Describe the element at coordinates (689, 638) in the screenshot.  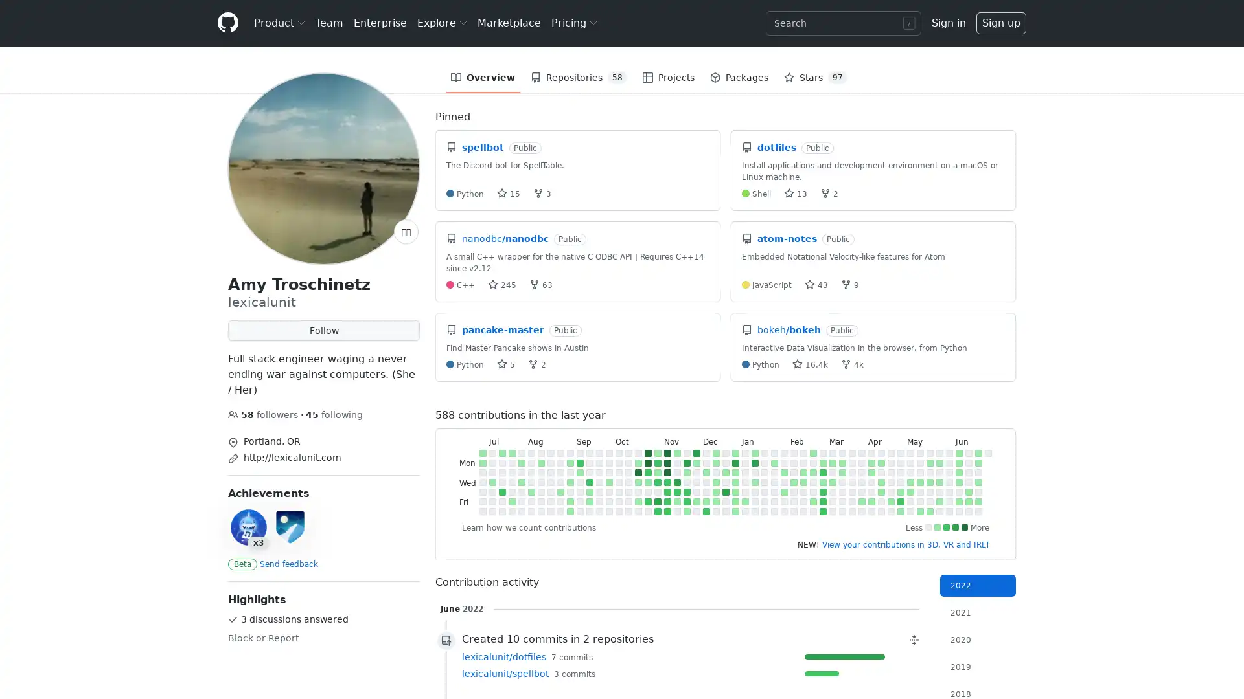
I see `Created 10 commits in 2 repositories` at that location.